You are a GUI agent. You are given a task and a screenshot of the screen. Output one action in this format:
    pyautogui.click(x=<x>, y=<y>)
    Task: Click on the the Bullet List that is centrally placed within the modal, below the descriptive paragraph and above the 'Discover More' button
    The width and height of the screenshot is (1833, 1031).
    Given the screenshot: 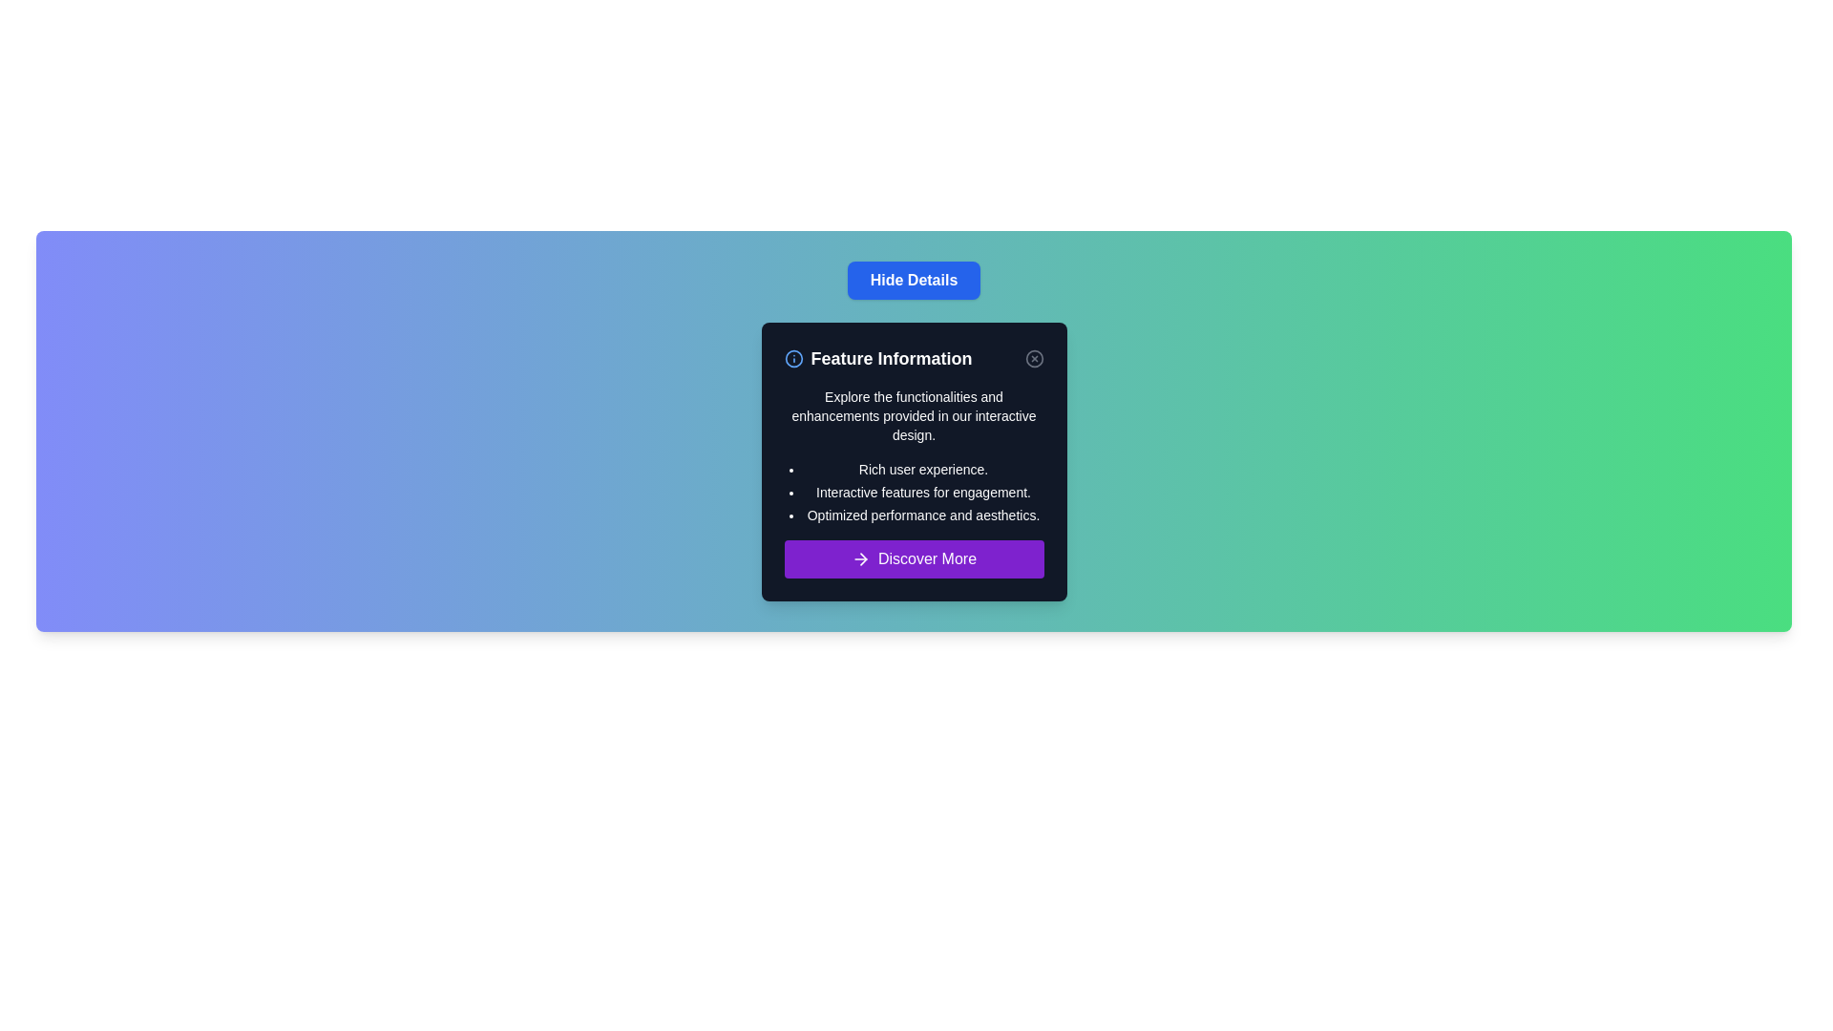 What is the action you would take?
    pyautogui.click(x=923, y=492)
    